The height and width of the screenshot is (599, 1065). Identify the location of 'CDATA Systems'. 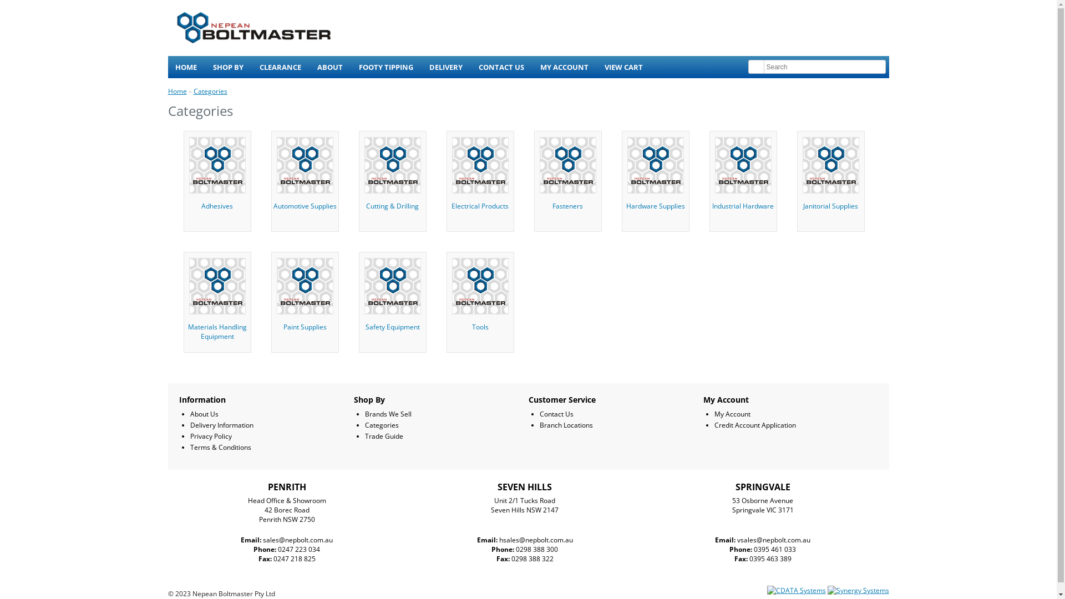
(795, 590).